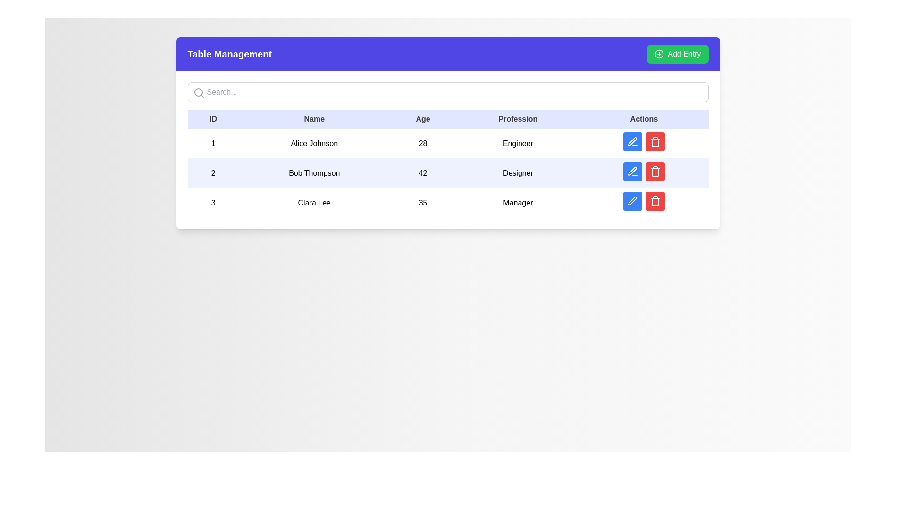  What do you see at coordinates (314, 202) in the screenshot?
I see `the text label indicating the name 'Clara Lee' in the 'Name' column of the third row in the table` at bounding box center [314, 202].